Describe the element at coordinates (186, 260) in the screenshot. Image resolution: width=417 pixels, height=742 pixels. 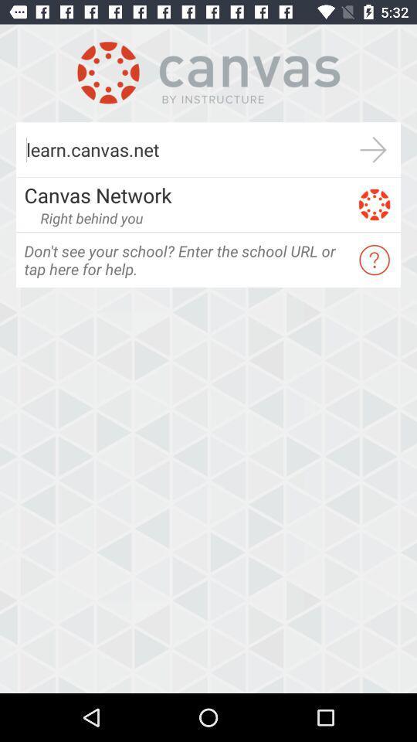
I see `icon at the center` at that location.